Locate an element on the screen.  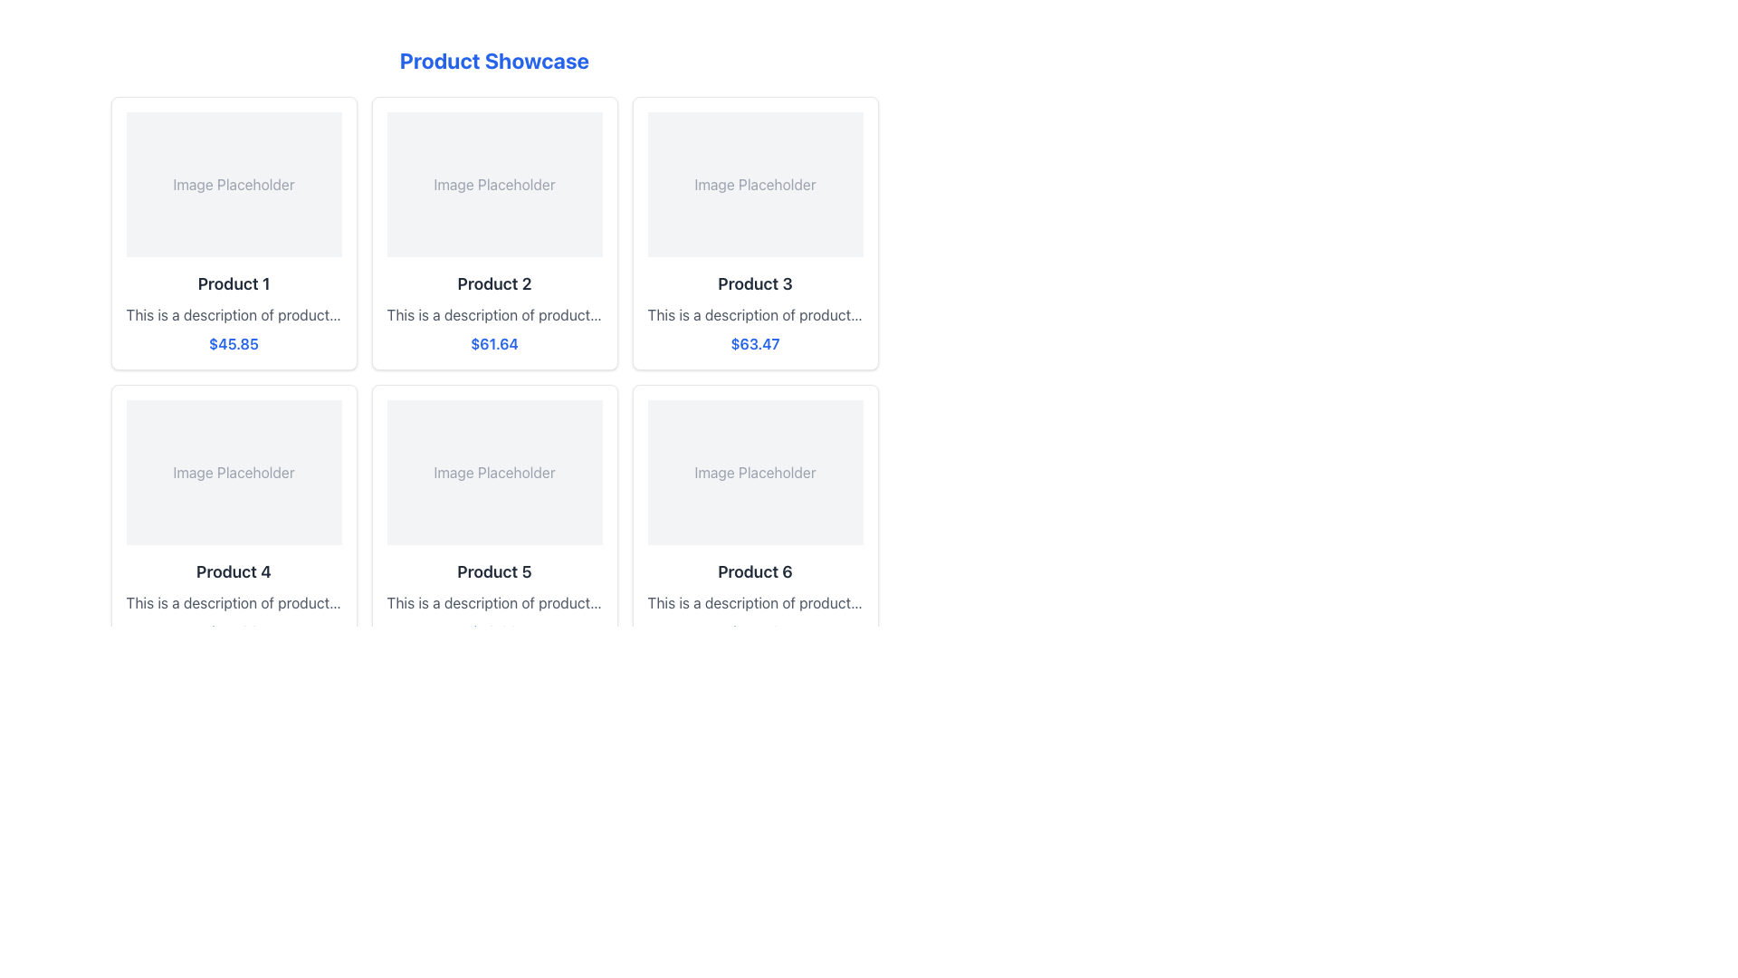
displayed text for 'Product 1' located in the top-left product card, positioned below the product name and above the price is located at coordinates (233, 313).